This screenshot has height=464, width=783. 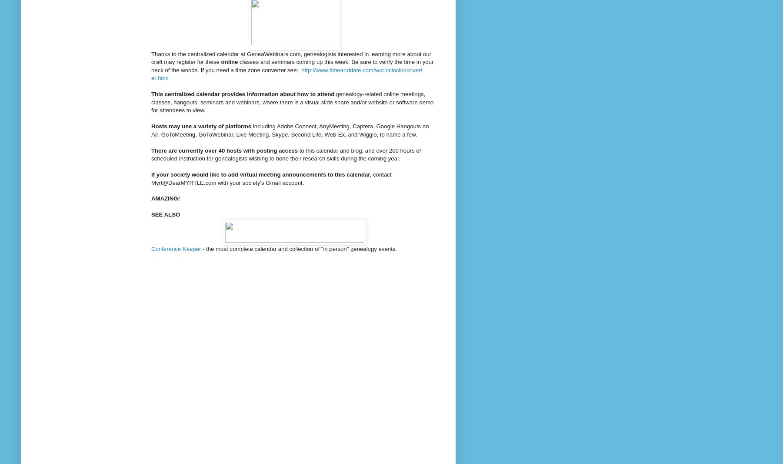 What do you see at coordinates (151, 150) in the screenshot?
I see `'There are currently over 40 hosts with posting access'` at bounding box center [151, 150].